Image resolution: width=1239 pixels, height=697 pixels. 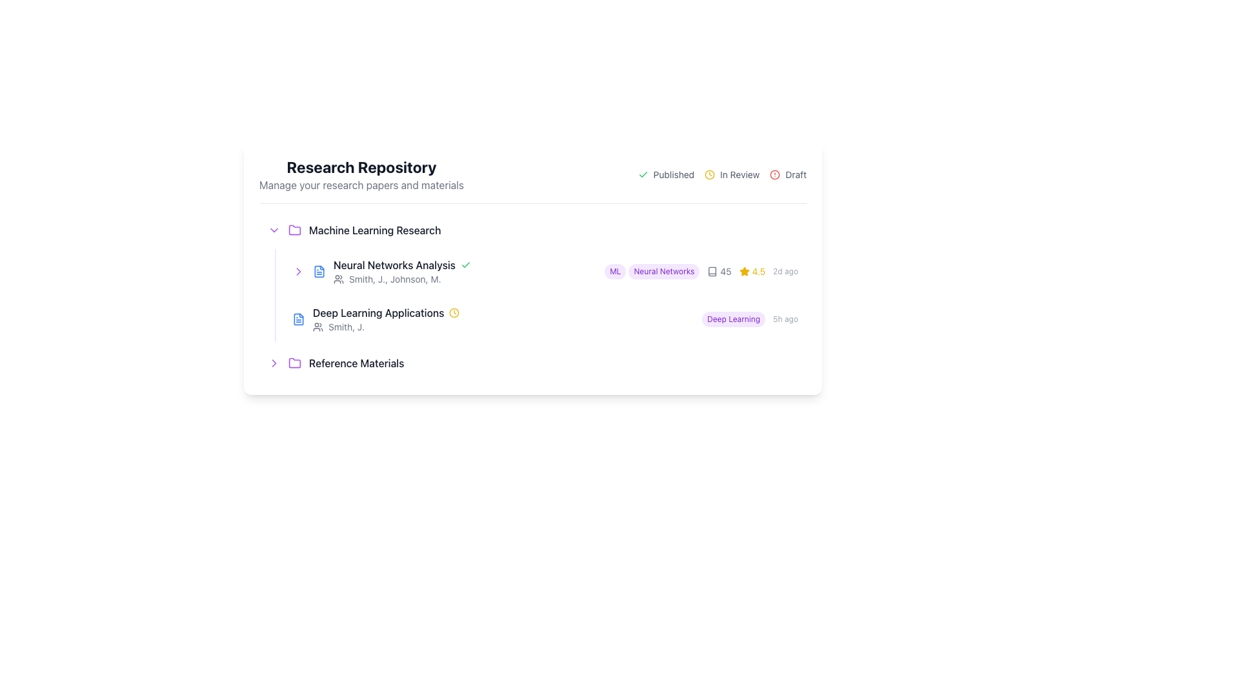 I want to click on the Rating display element, which shows a star icon and is positioned near the right side of the row containing the text 'ML Neural Networks', so click(x=752, y=270).